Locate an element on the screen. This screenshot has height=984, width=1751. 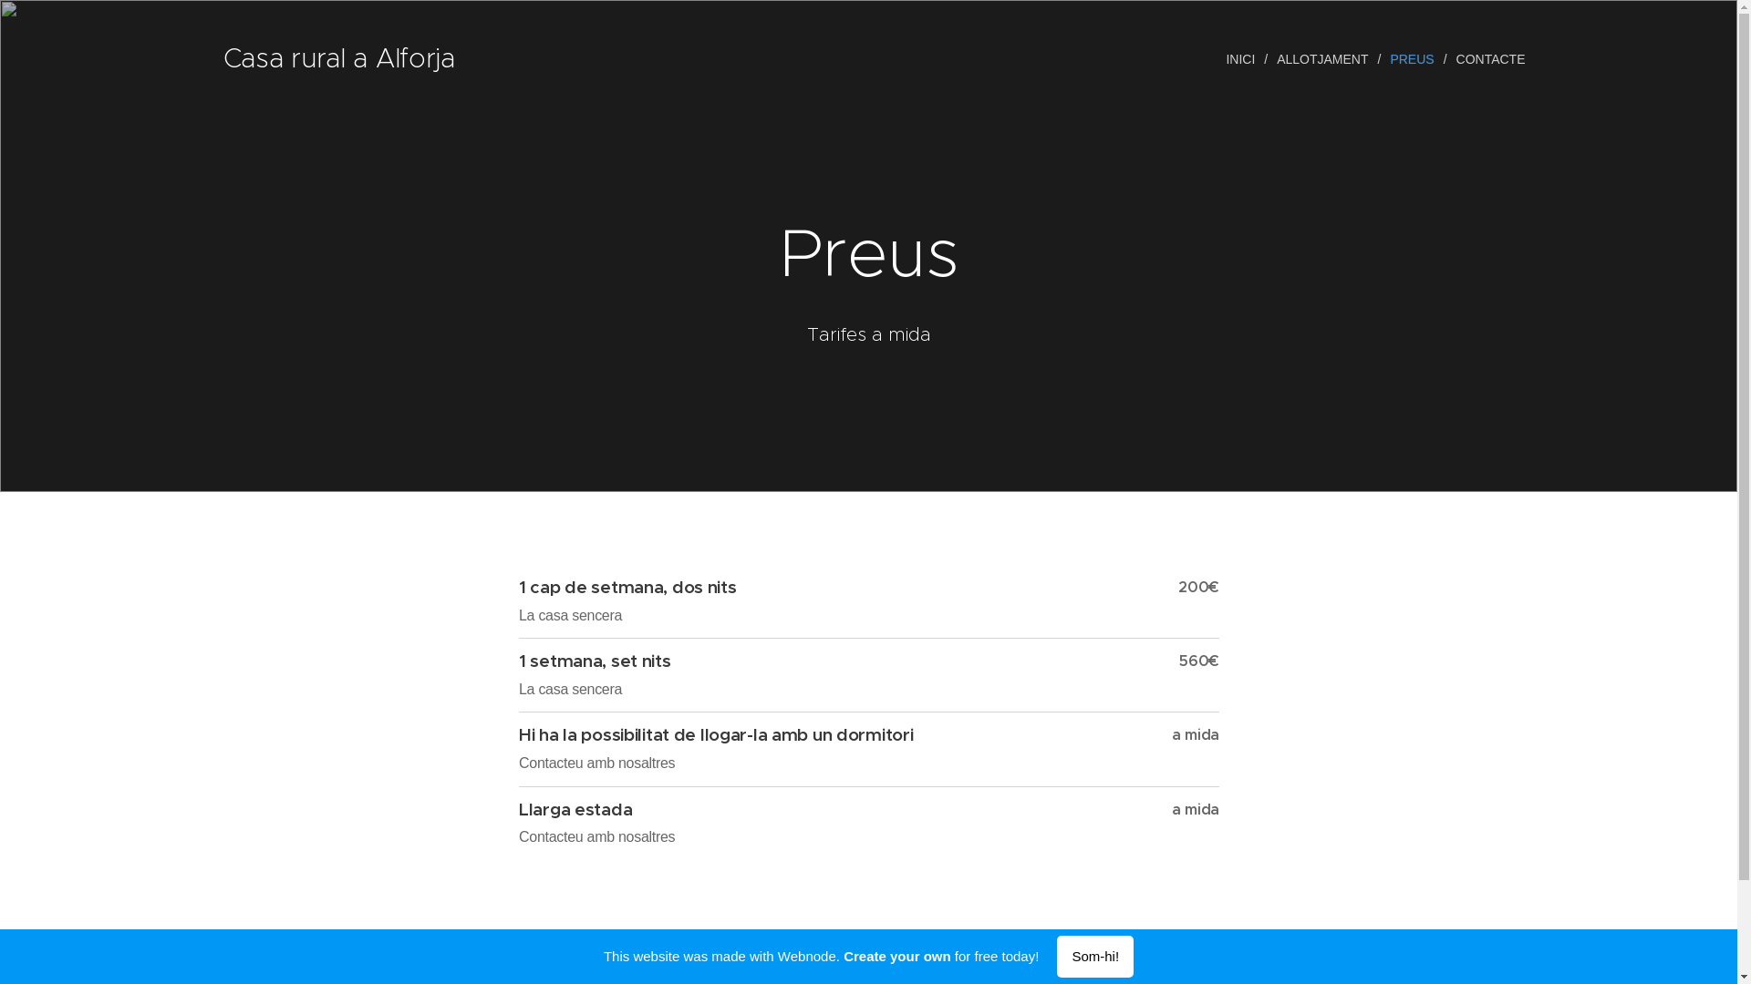
'Casa rural a Alforja ' is located at coordinates (340, 58).